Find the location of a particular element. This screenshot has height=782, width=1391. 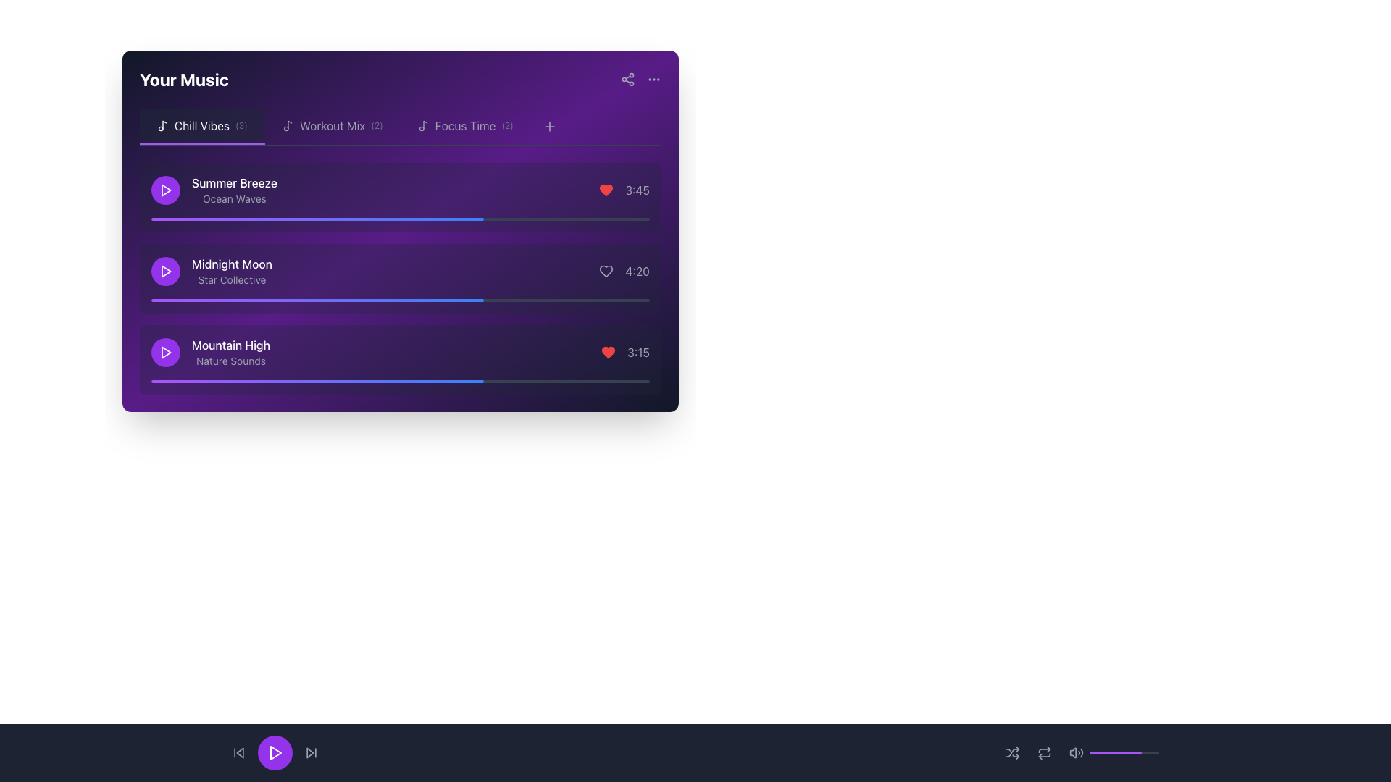

the red heart icon on the far-right side of the first song row is located at coordinates (606, 189).